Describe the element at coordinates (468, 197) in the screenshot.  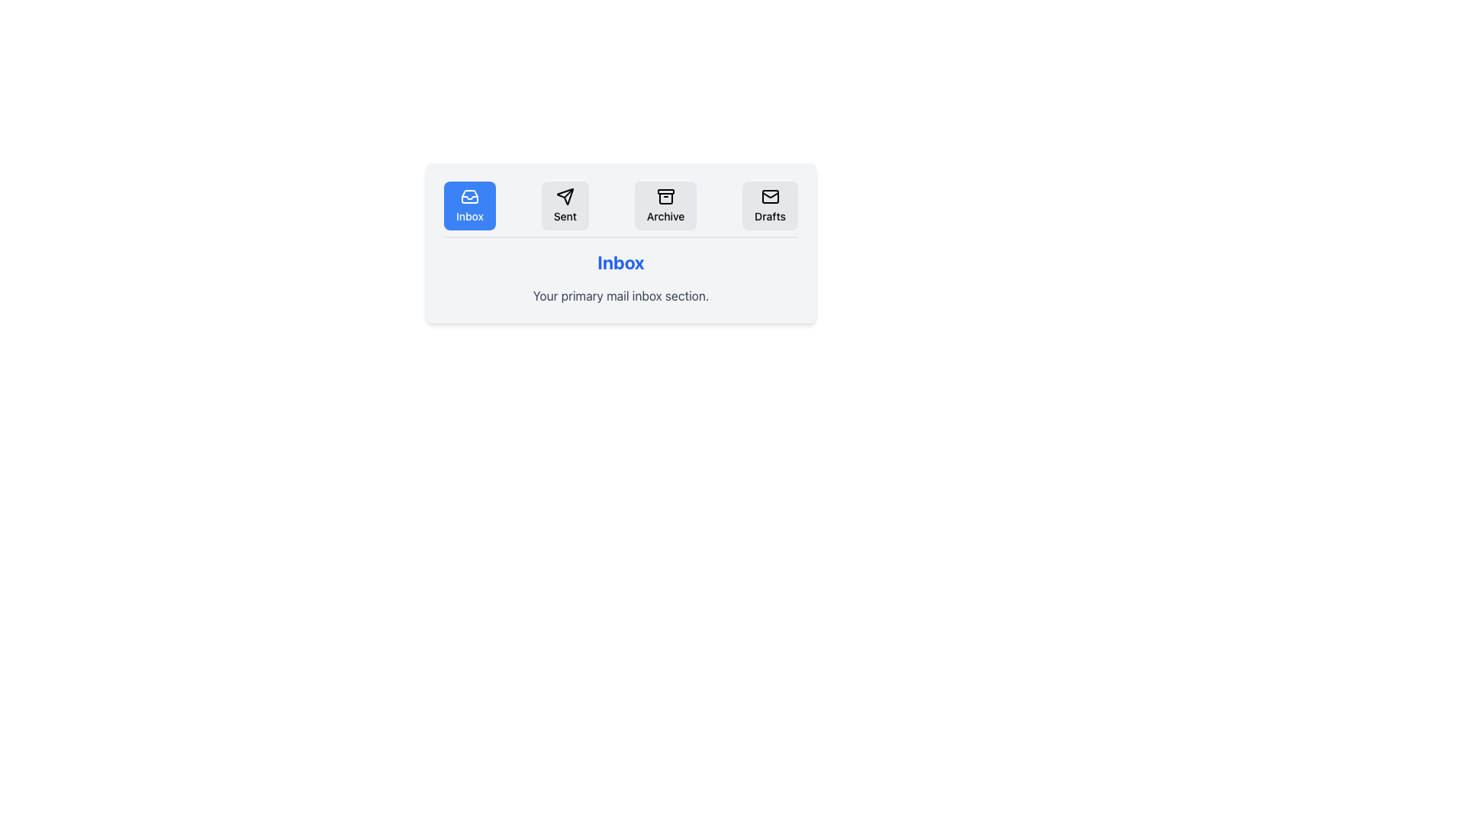
I see `the inbox icon decoration located in the first tab of the top row, directly below the 'Inbox' tab label` at that location.